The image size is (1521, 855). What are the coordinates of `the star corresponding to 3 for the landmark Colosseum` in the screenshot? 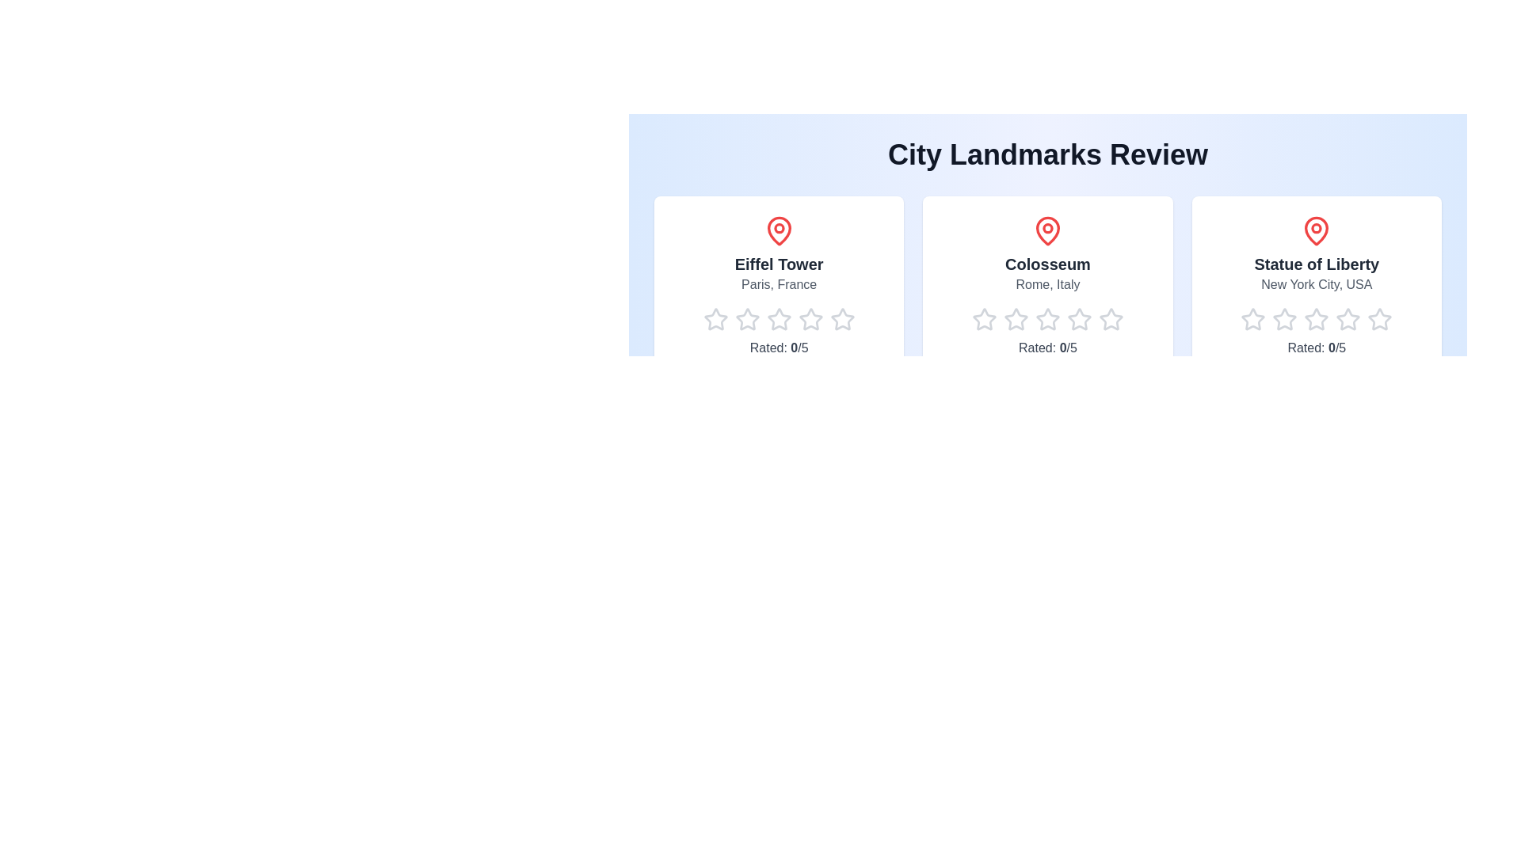 It's located at (1035, 320).